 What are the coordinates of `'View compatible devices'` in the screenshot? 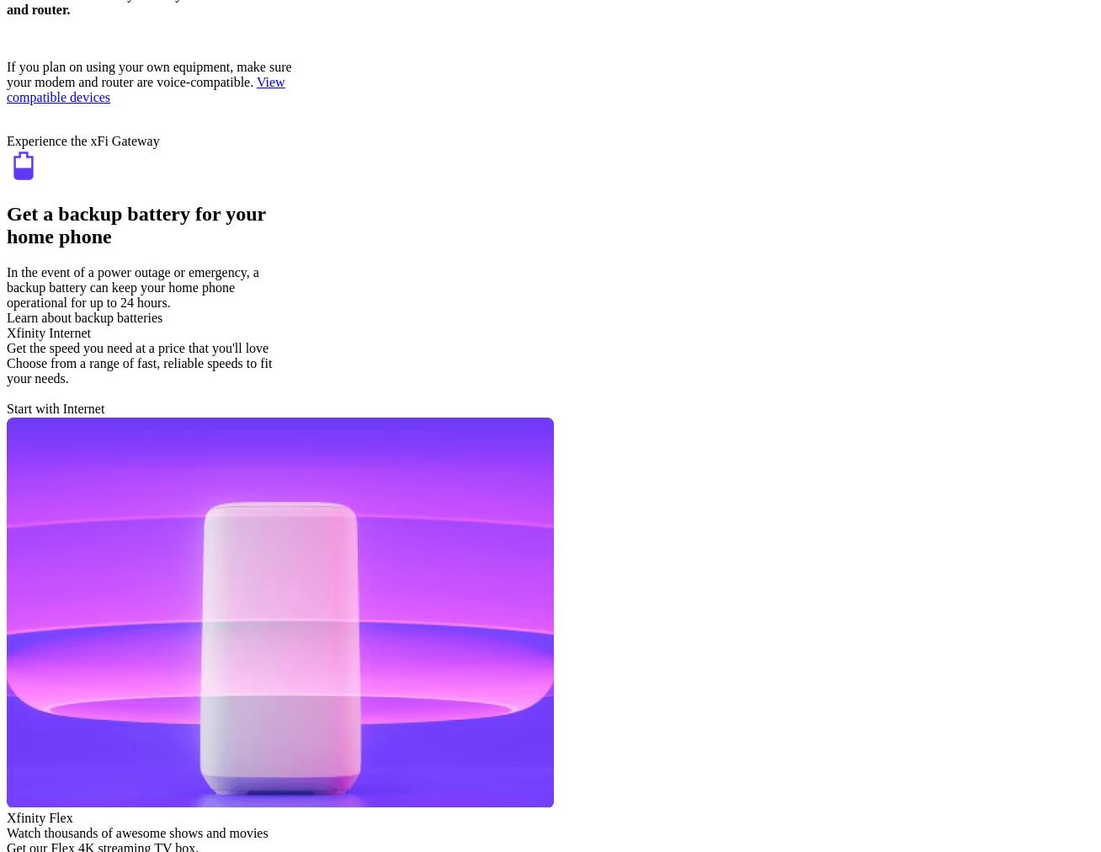 It's located at (6, 88).